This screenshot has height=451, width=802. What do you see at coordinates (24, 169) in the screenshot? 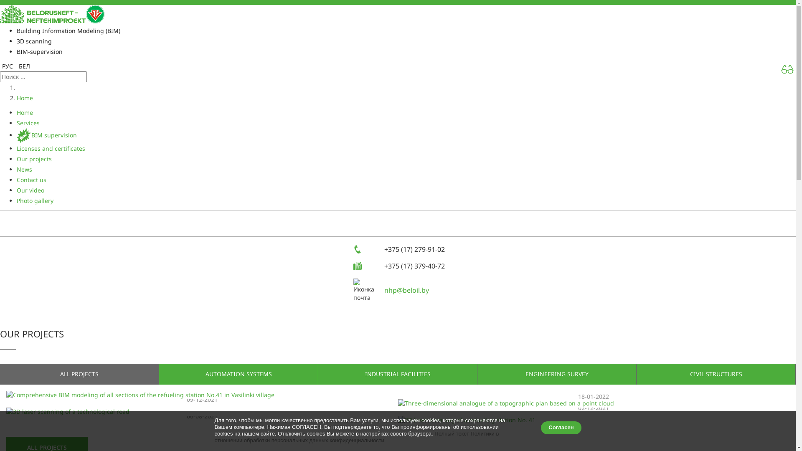
I see `'News'` at bounding box center [24, 169].